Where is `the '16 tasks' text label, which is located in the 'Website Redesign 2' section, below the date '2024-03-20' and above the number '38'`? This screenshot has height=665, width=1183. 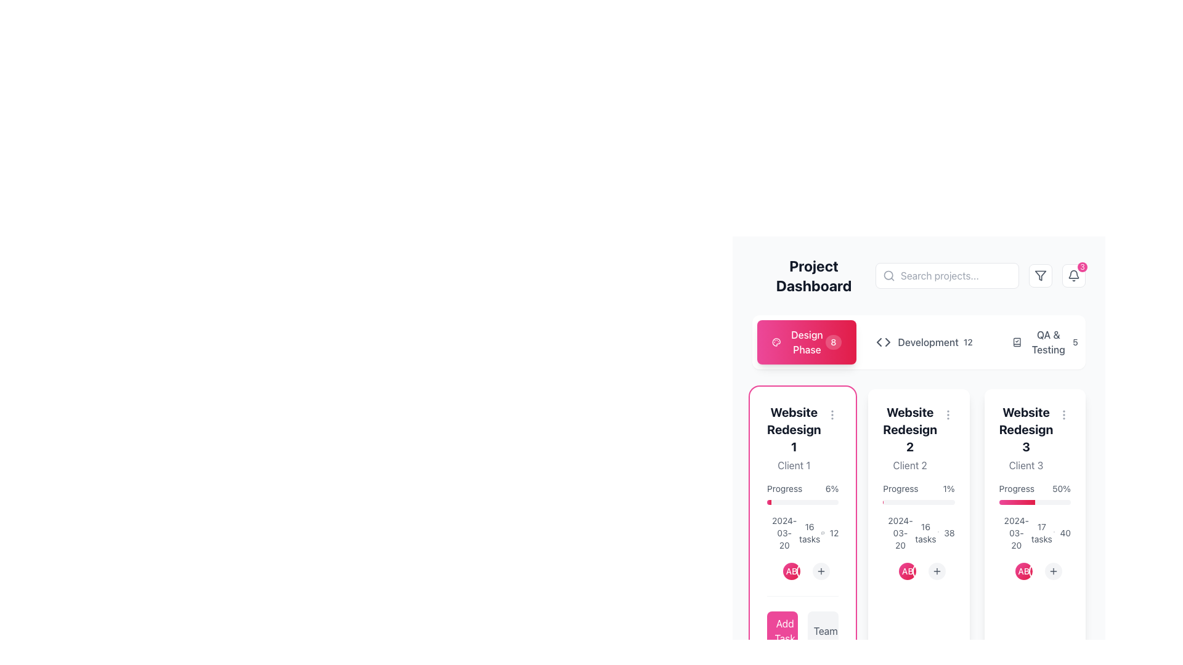
the '16 tasks' text label, which is located in the 'Website Redesign 2' section, below the date '2024-03-20' and above the number '38' is located at coordinates (925, 533).